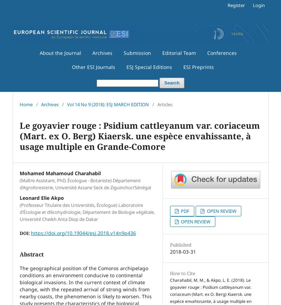  What do you see at coordinates (41, 197) in the screenshot?
I see `'Leonard Elie Akpo'` at bounding box center [41, 197].